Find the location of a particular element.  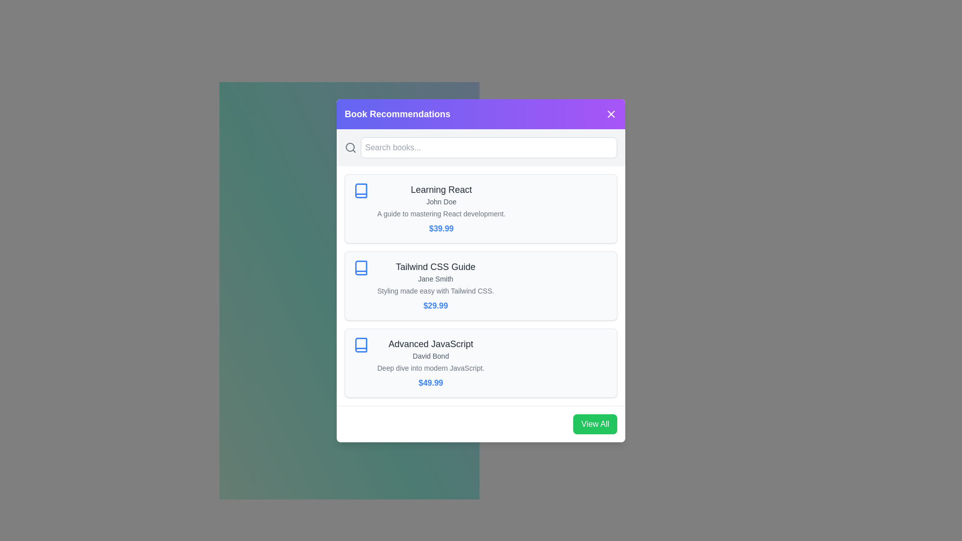

the blue book icon in the 'Book Recommendations' modal, which is the topmost item in the list and left-aligned next to the text 'Learning React' is located at coordinates (361, 190).